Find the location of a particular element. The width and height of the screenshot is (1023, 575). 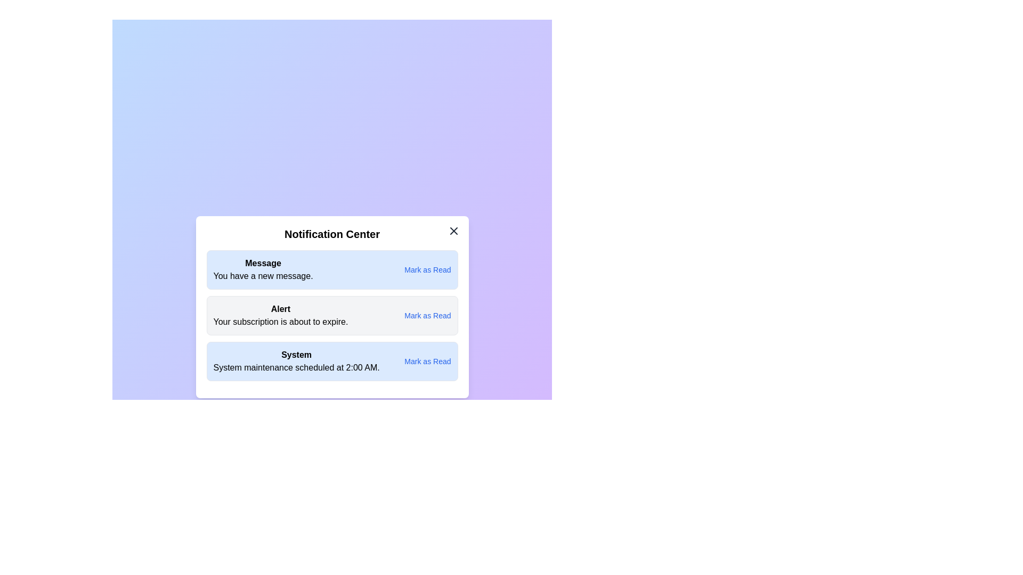

the 'Mark as Read' button for the notification identified by System is located at coordinates (427, 360).